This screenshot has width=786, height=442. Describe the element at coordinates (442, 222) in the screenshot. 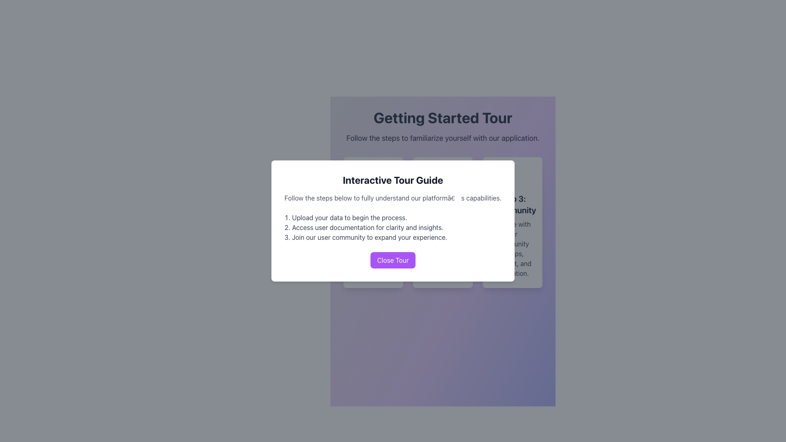

I see `the Information Card with the title 'Step 2: Documentation', which is the second card in a grid layout of three cards` at that location.